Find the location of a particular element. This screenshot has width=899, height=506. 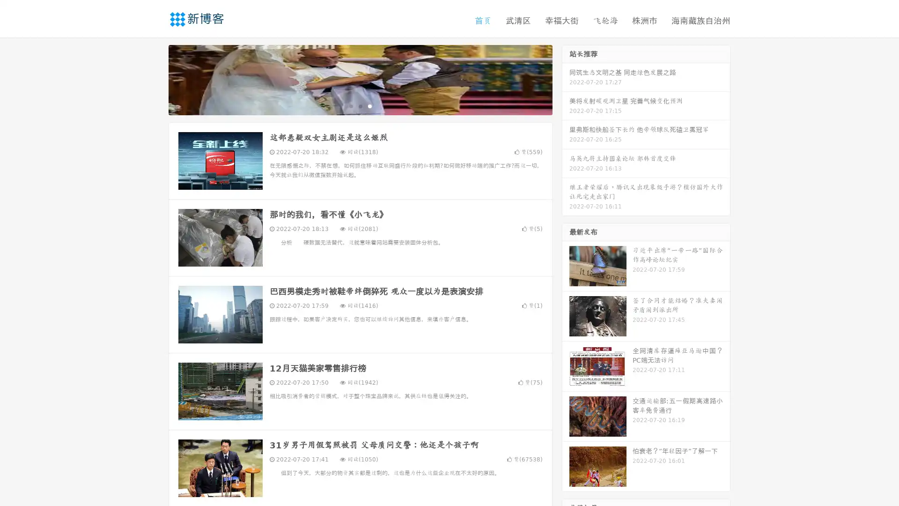

Next slide is located at coordinates (566, 79).